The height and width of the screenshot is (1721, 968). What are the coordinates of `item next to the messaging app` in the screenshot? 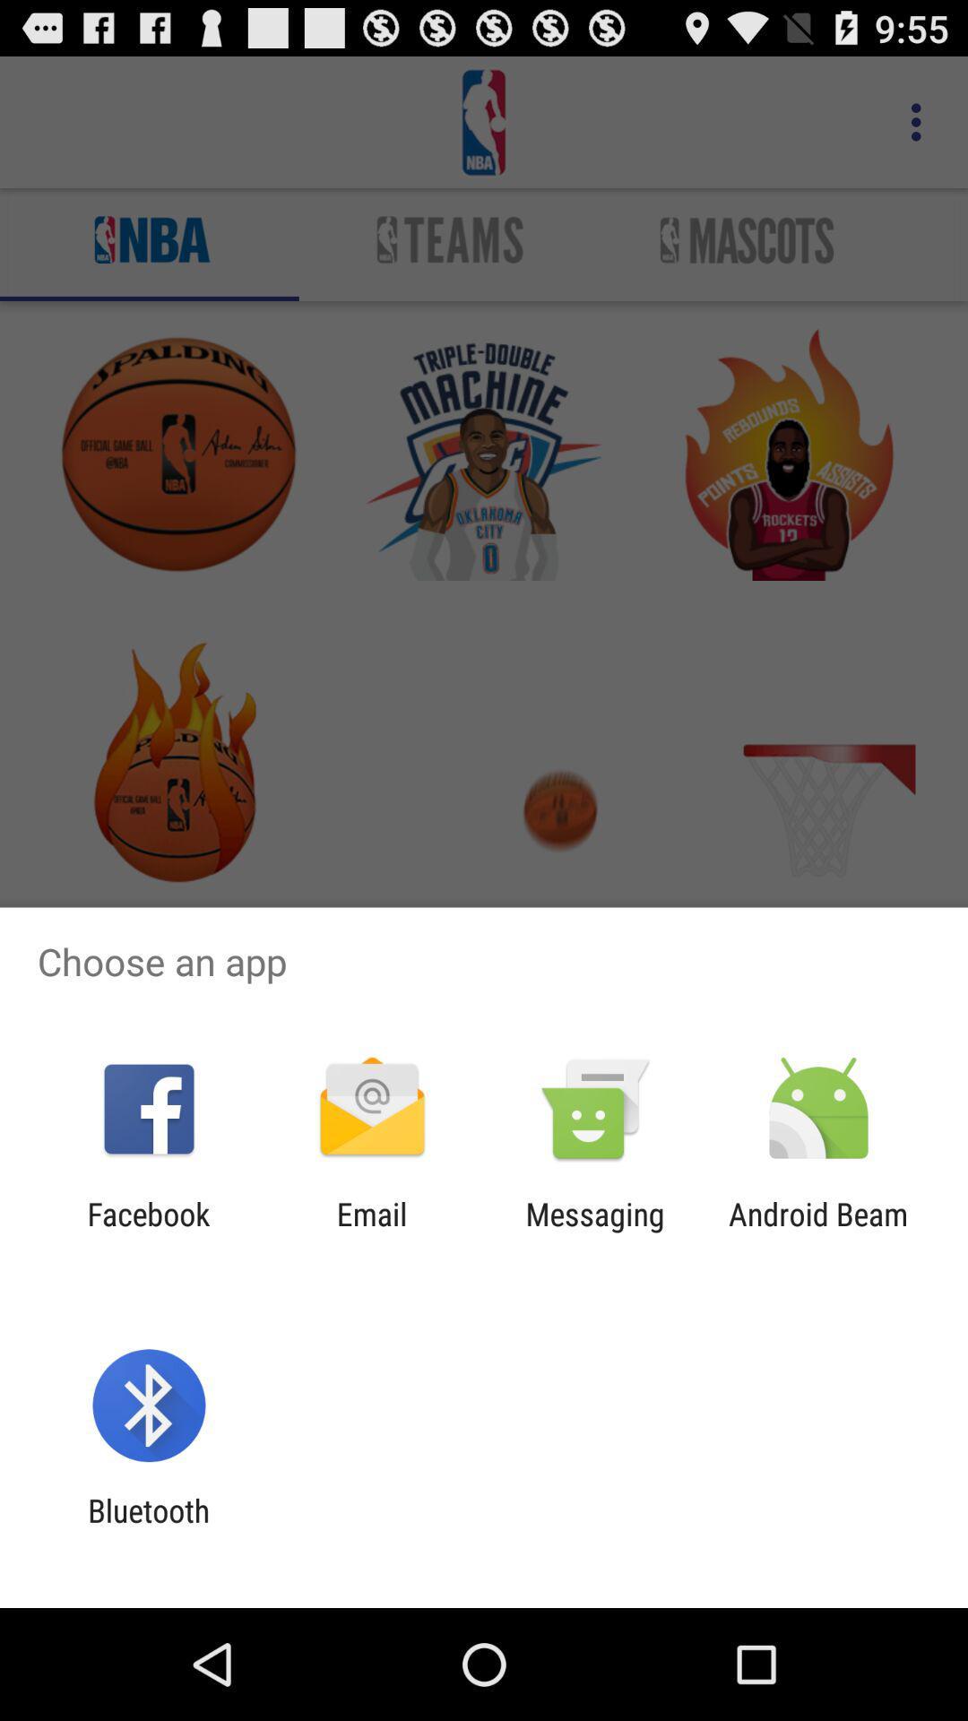 It's located at (371, 1232).